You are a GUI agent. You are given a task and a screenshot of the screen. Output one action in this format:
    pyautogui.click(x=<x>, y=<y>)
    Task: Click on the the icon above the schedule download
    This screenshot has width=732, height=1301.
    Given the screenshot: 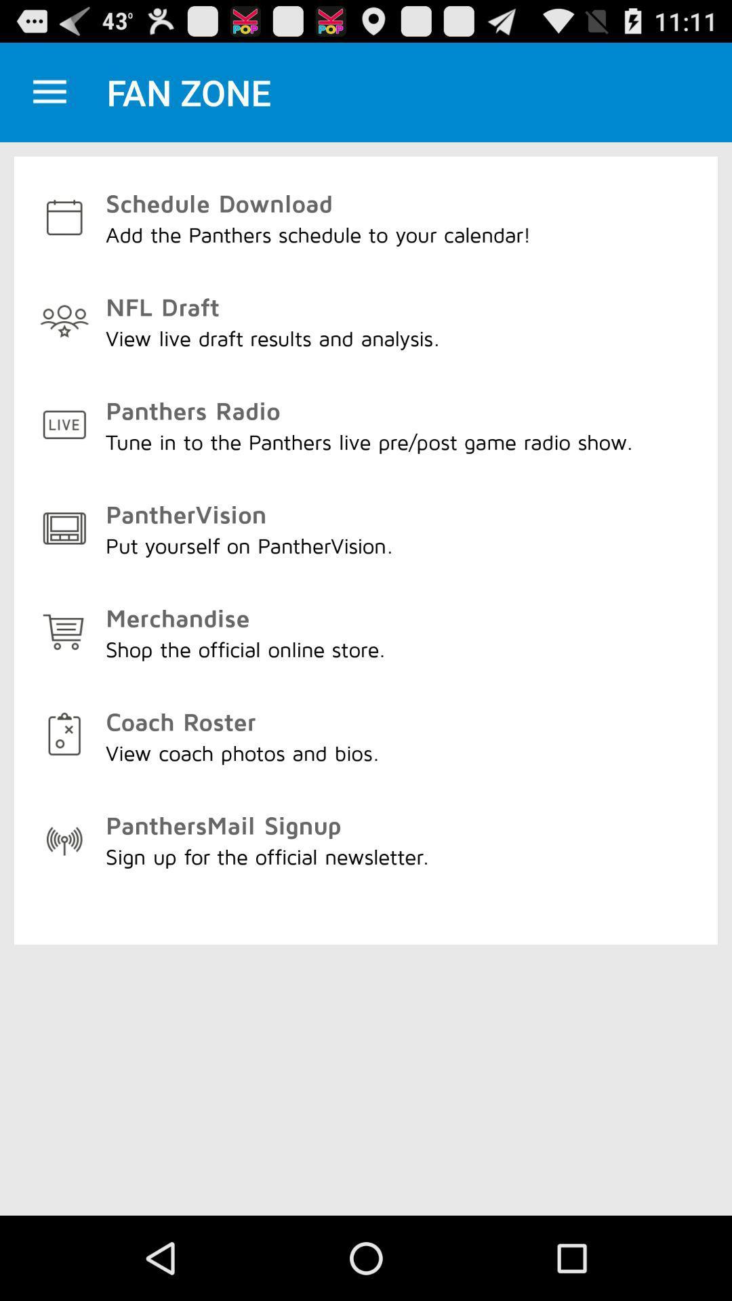 What is the action you would take?
    pyautogui.click(x=49, y=91)
    